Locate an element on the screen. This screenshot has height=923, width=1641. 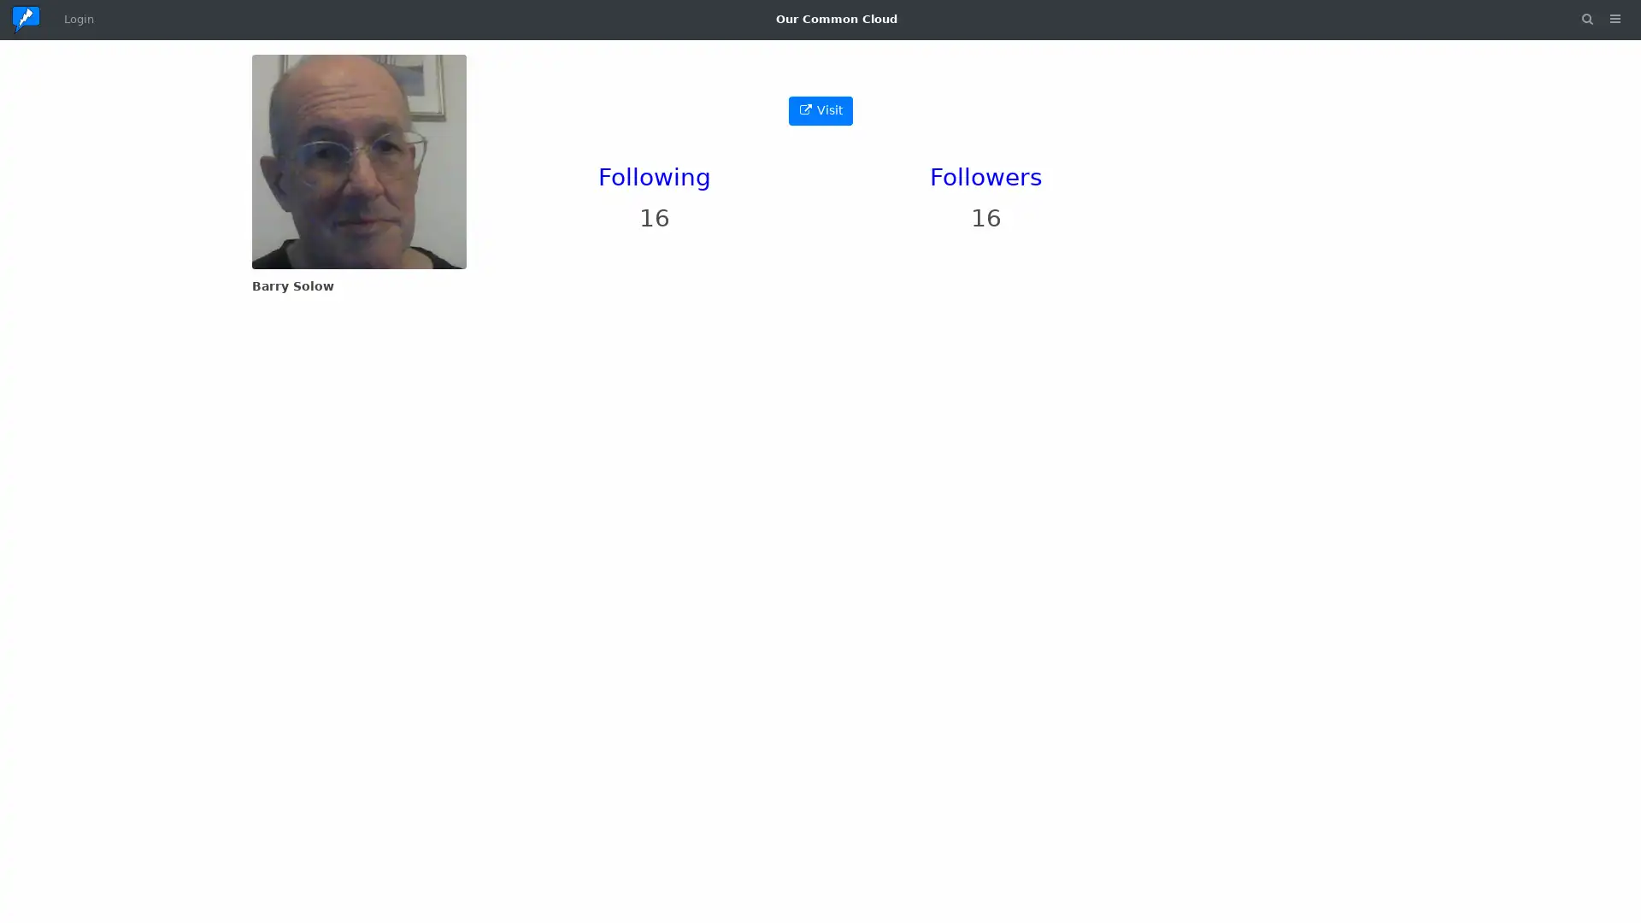
Visit is located at coordinates (819, 110).